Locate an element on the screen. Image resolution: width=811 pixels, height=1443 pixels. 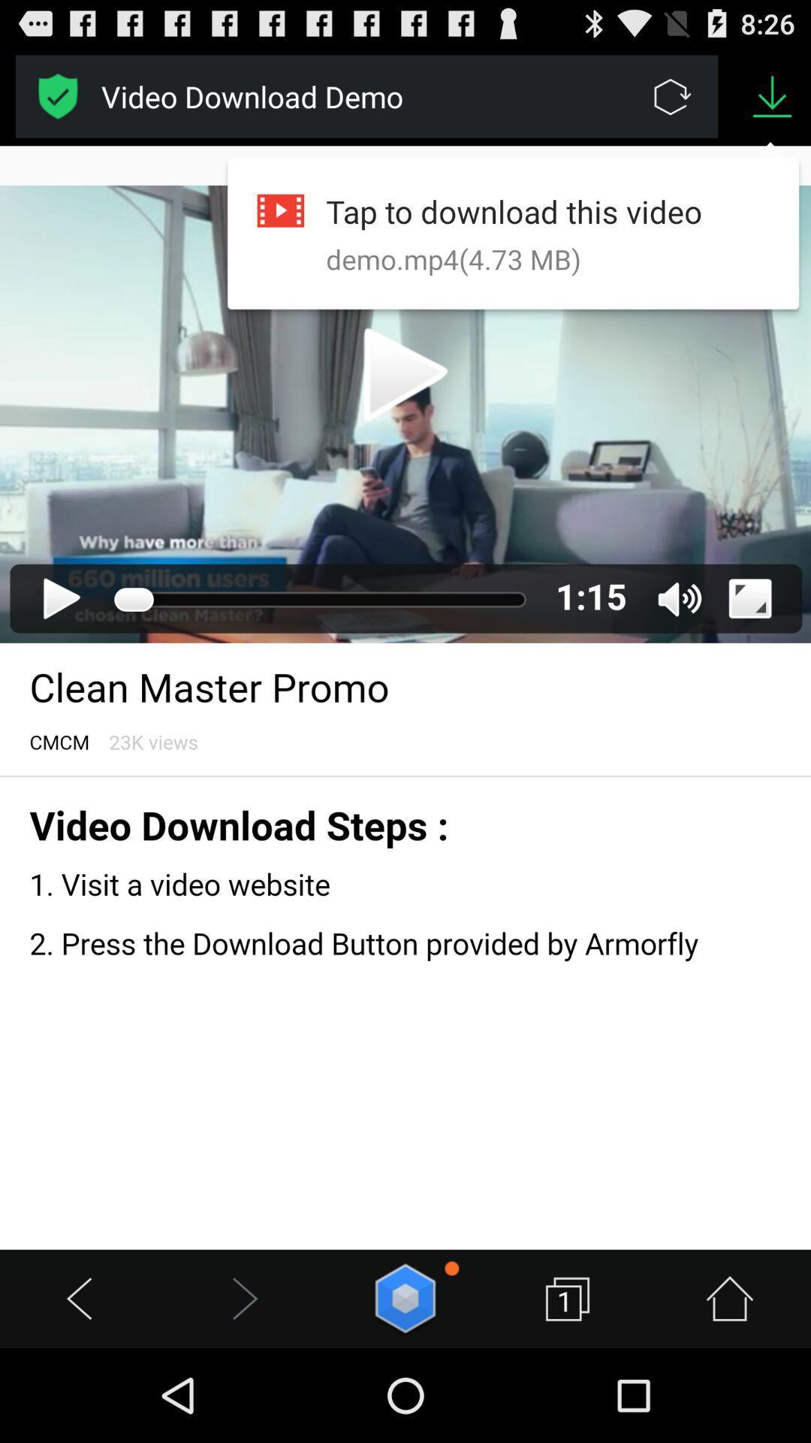
advertisement banner would take off site is located at coordinates (57, 95).